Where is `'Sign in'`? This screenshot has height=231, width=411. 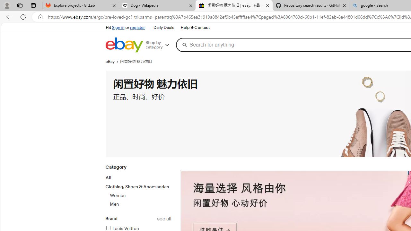
'Sign in' is located at coordinates (118, 27).